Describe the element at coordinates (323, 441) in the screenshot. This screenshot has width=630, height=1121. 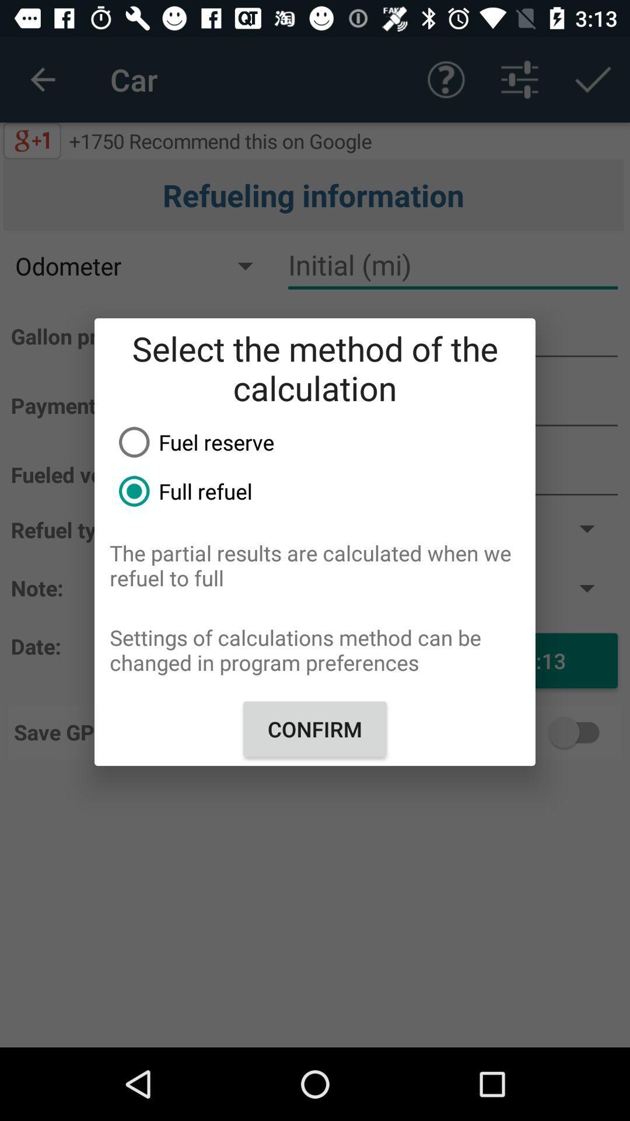
I see `item above the full refuel icon` at that location.